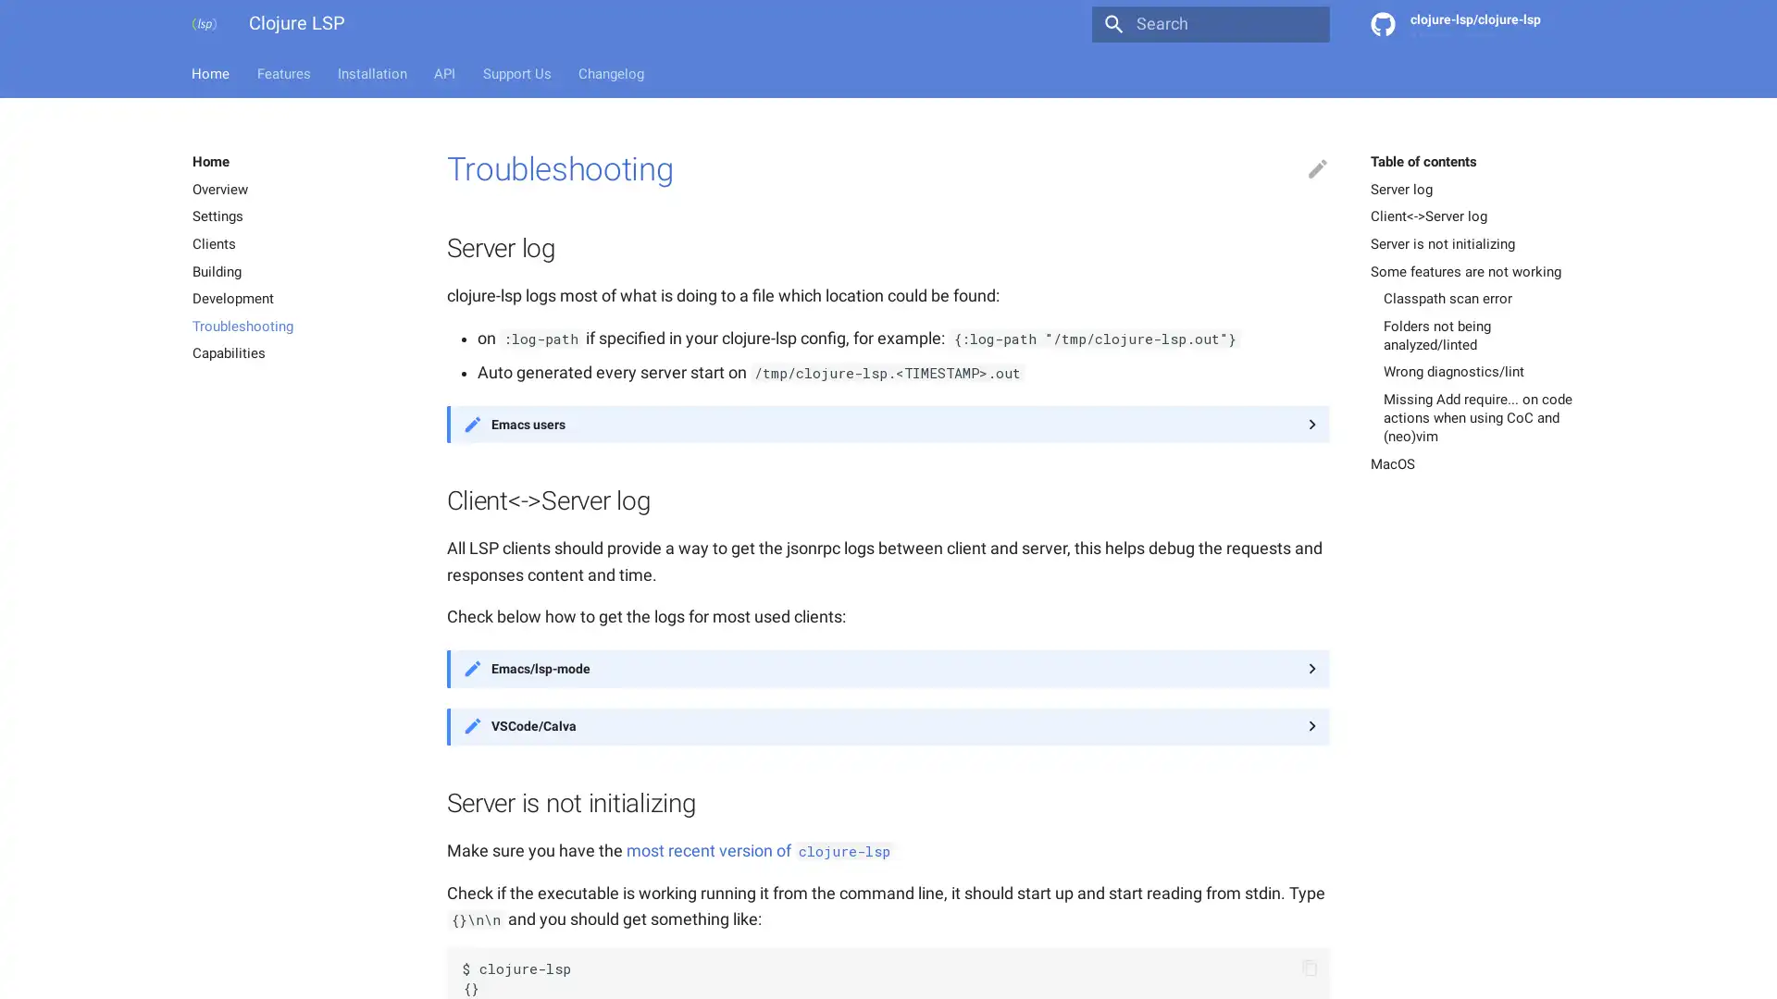 The height and width of the screenshot is (999, 1777). I want to click on Copy to clipboard, so click(1309, 967).